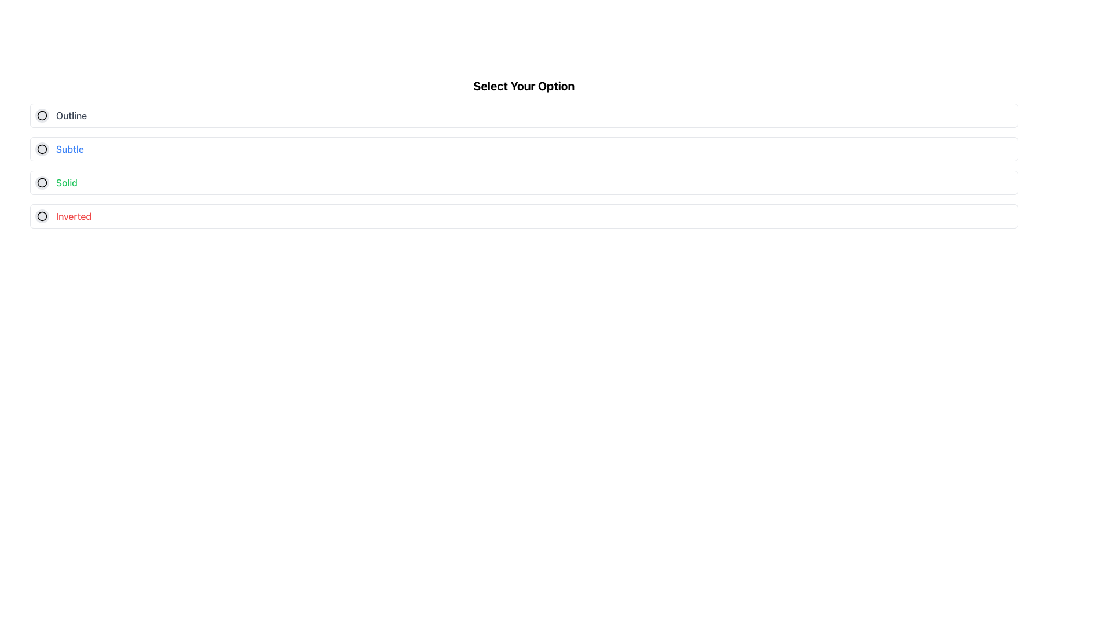  What do you see at coordinates (73, 216) in the screenshot?
I see `text label 'Inverted', which is the fourth selectable option in the group, positioned to the right of the associated radio button` at bounding box center [73, 216].